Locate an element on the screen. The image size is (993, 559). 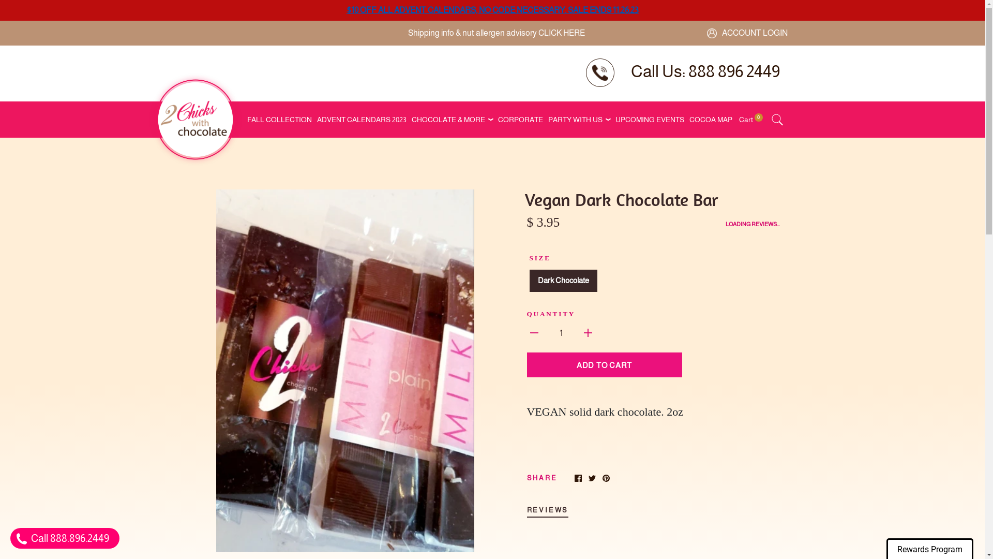
'Call Us: 888 896 2449' is located at coordinates (704, 71).